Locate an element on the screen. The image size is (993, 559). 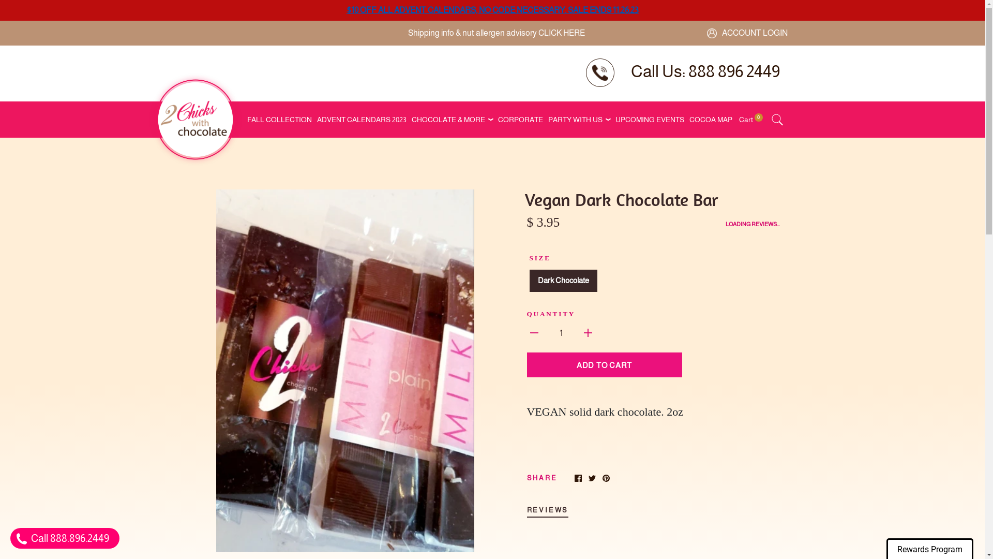
'Call Us: 888 896 2449' is located at coordinates (704, 71).